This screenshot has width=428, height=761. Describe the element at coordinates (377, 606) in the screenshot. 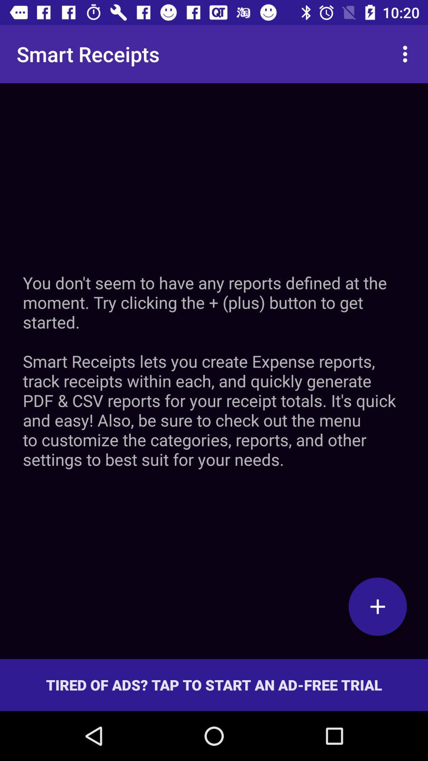

I see `the icon below the you don t icon` at that location.